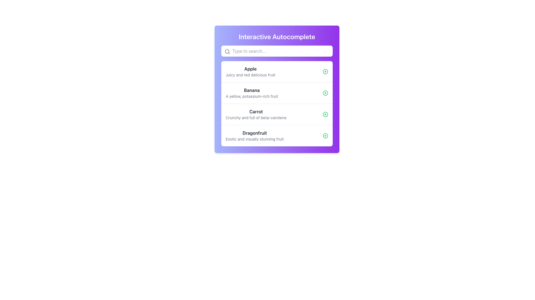 Image resolution: width=535 pixels, height=300 pixels. Describe the element at coordinates (325, 136) in the screenshot. I see `the circular green plus icon located at the far right of the 'Dragonfruit' entry in the autocomplete list` at that location.